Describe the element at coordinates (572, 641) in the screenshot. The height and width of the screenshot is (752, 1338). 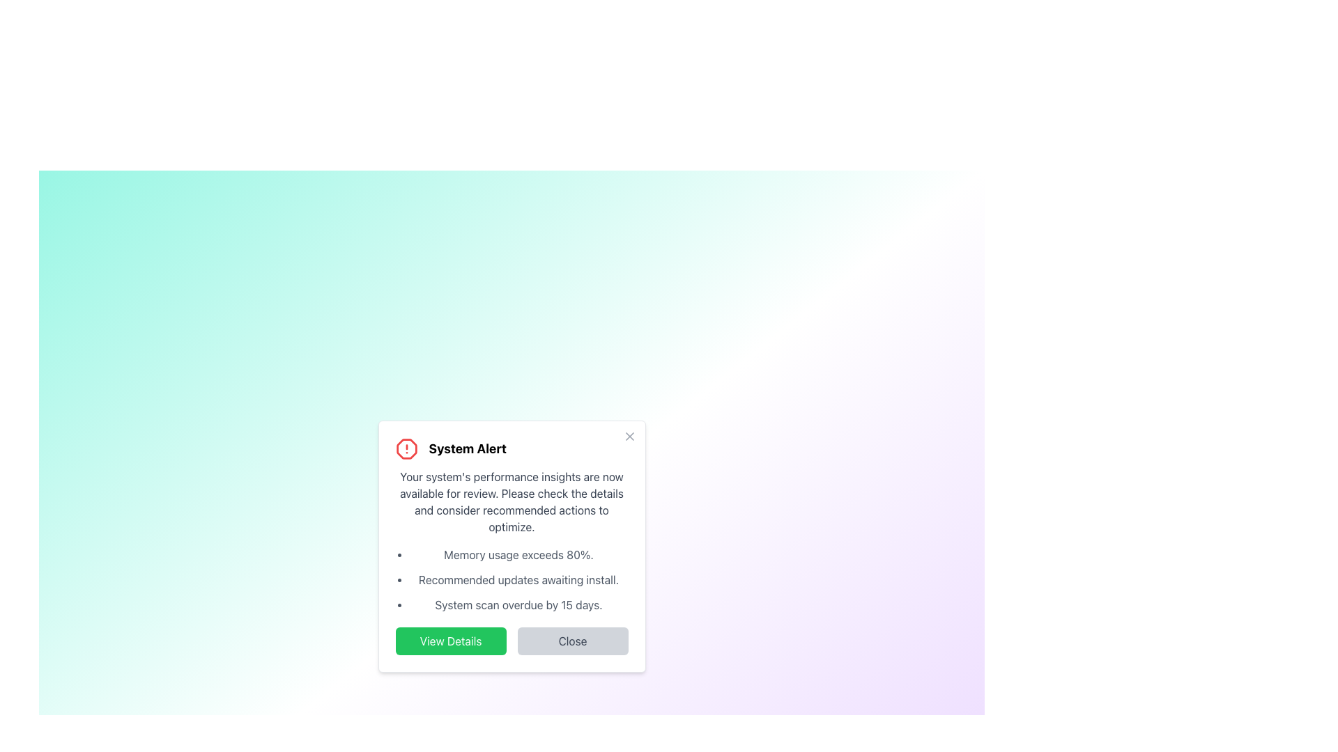
I see `the close button in the dialog box` at that location.